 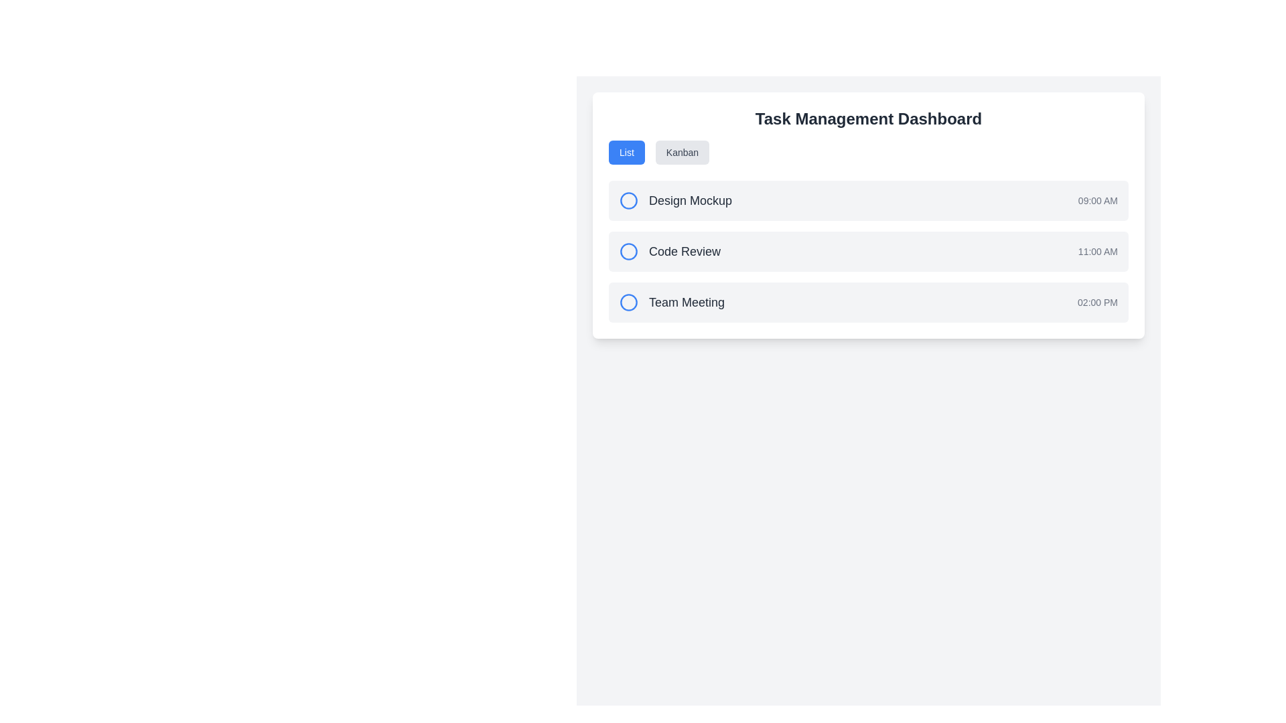 I want to click on the blue button labeled 'List' with rounded corners, so click(x=626, y=151).